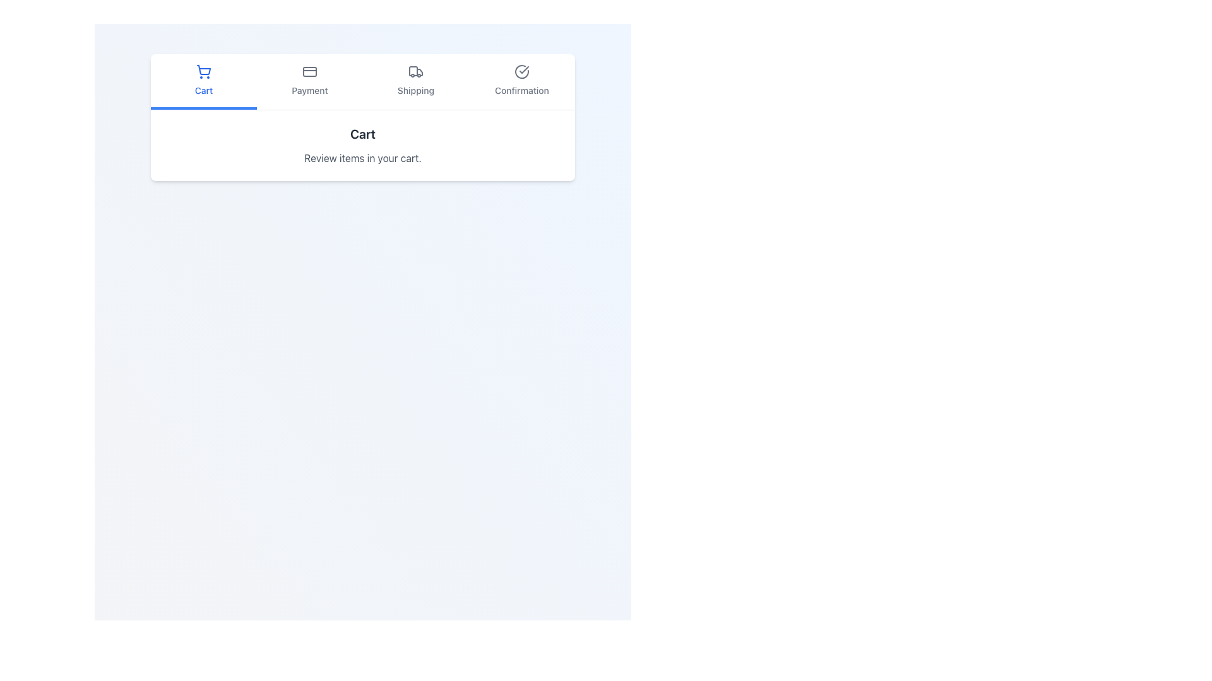 Image resolution: width=1212 pixels, height=681 pixels. Describe the element at coordinates (415, 82) in the screenshot. I see `the third item in the navigation menu labeled 'Shipping', which features a stylized truck icon above the text` at that location.